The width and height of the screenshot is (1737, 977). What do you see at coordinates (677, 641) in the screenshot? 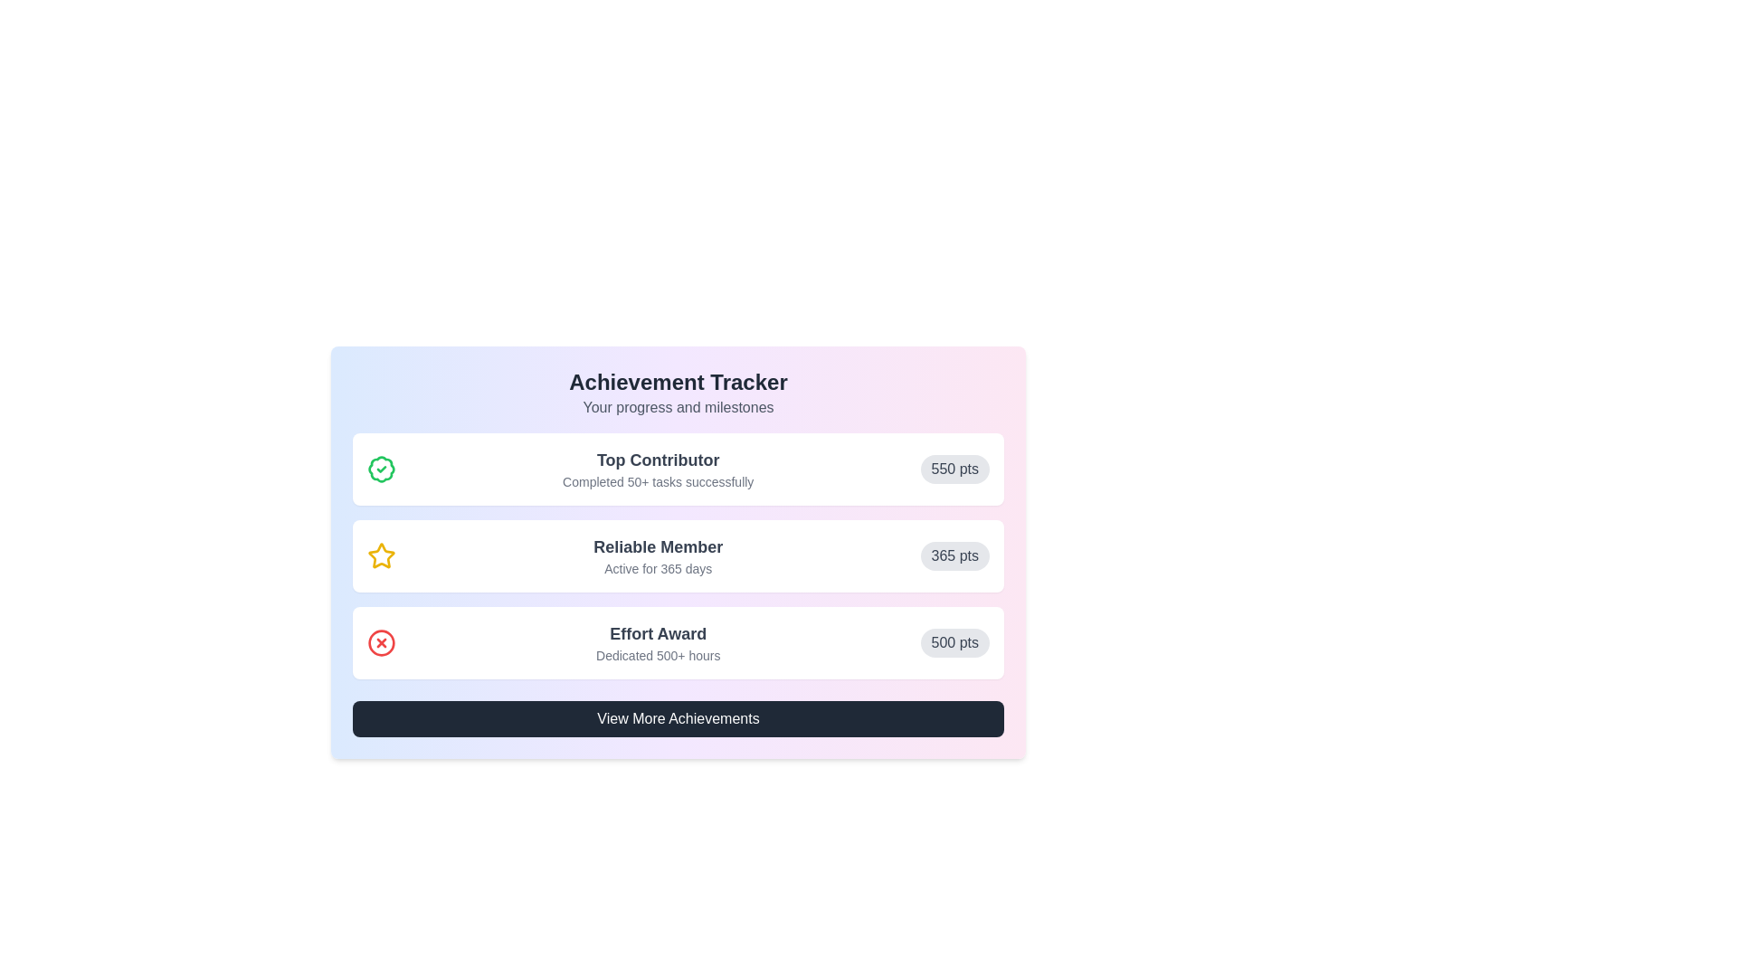
I see `the 'Effort Award' achievement item, which is the third item in the list of achievements` at bounding box center [677, 641].